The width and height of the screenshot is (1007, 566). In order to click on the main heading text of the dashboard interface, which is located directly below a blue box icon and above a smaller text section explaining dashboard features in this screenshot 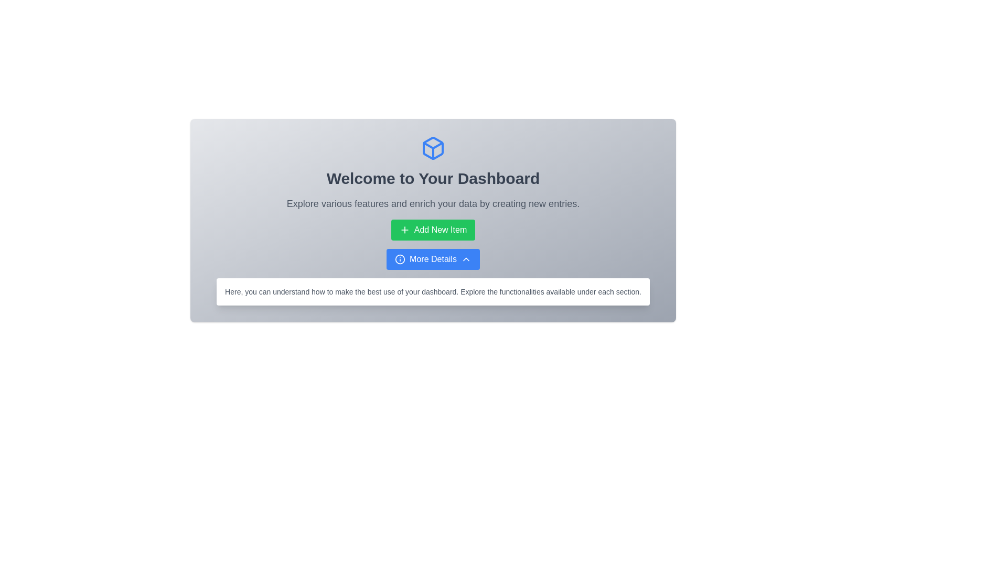, I will do `click(433, 178)`.